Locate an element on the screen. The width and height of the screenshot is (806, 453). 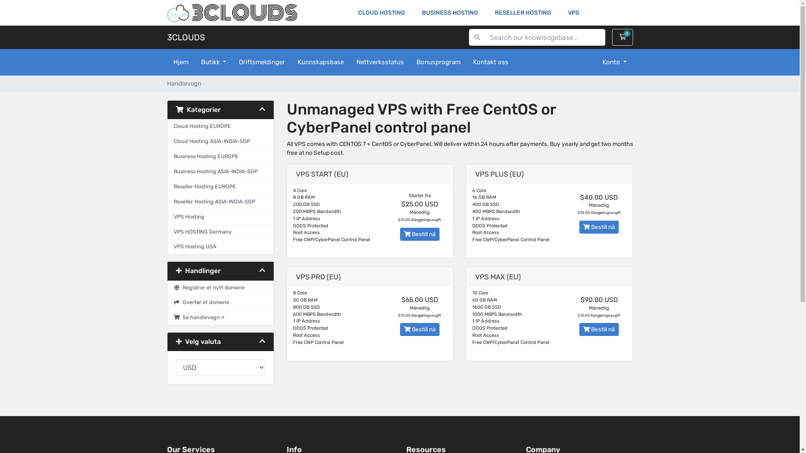
'Reseller Hosting EUROPE' is located at coordinates (220, 187).